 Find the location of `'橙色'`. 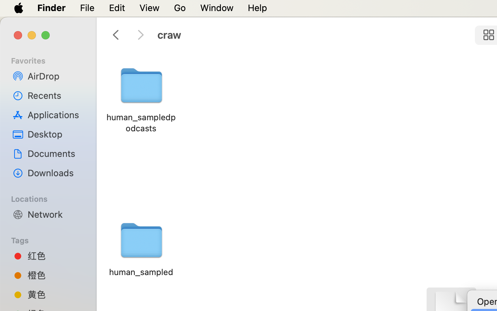

'橙色' is located at coordinates (55, 275).